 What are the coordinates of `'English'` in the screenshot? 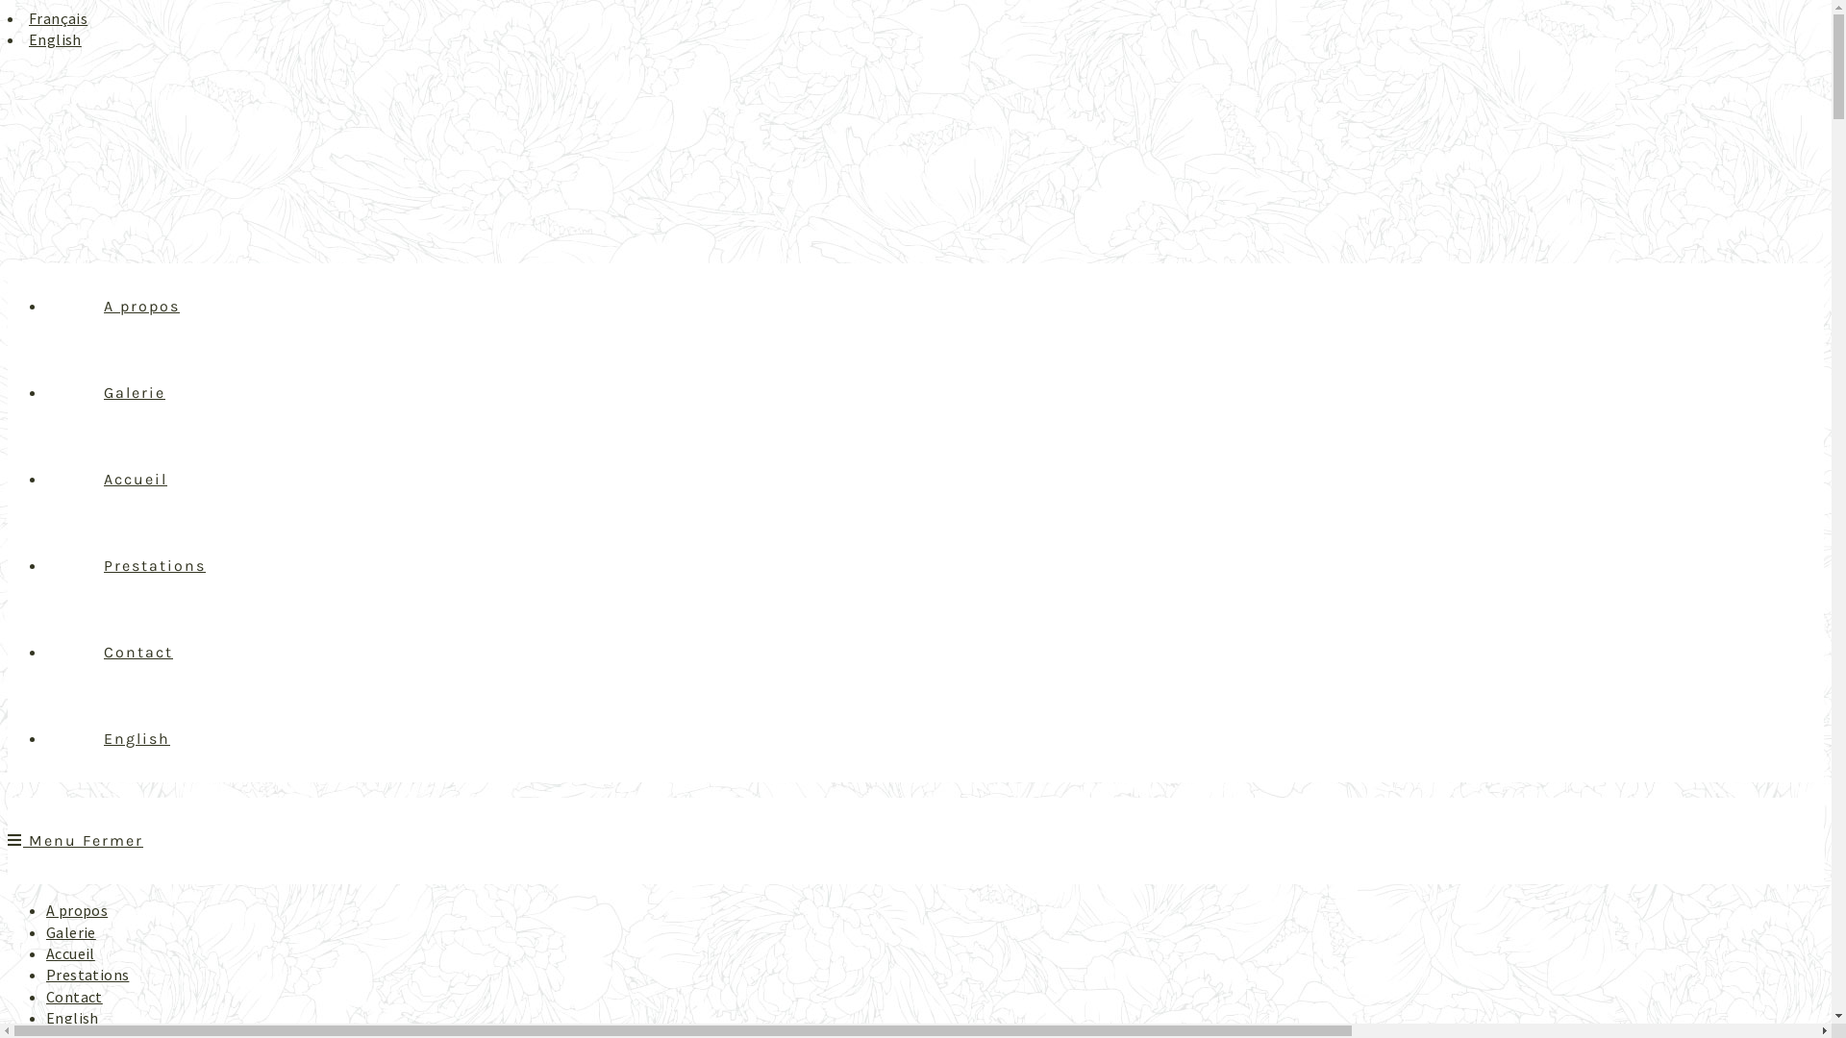 It's located at (136, 737).